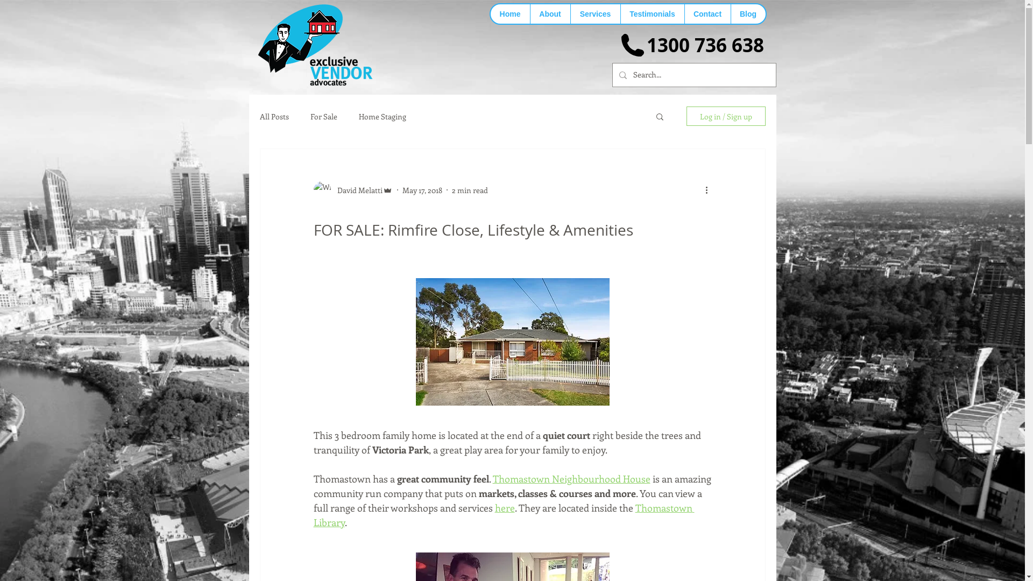 The height and width of the screenshot is (581, 1033). I want to click on 'All Posts', so click(273, 116).